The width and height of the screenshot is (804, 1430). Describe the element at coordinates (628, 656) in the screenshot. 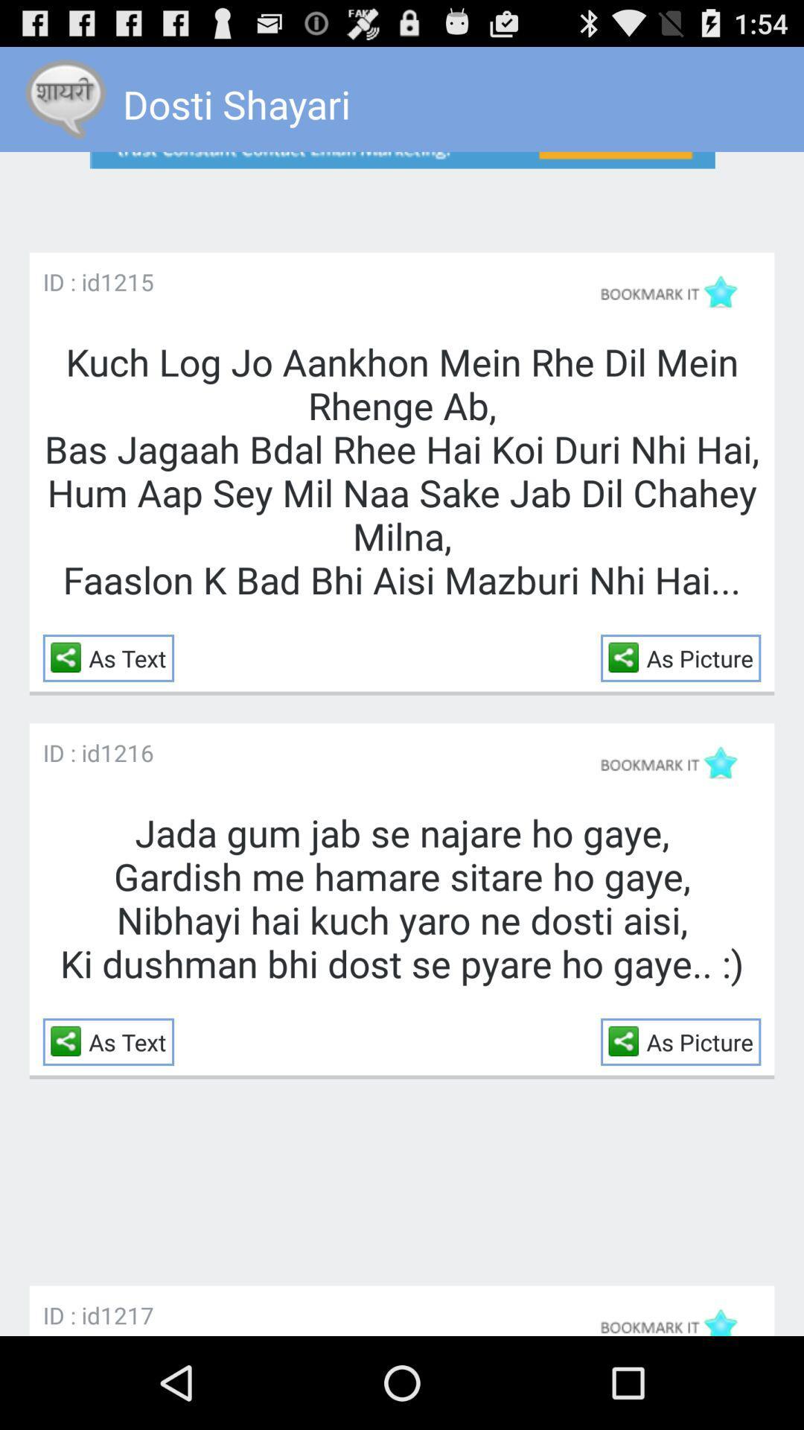

I see `icon to the left of as picture item` at that location.